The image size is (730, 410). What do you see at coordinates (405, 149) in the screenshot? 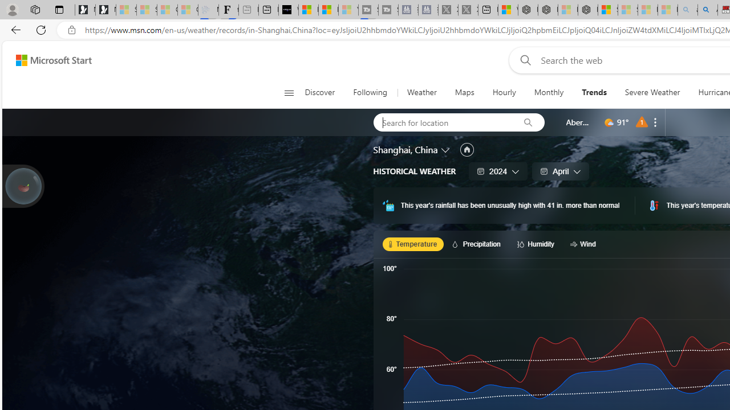
I see `'Shanghai, China'` at bounding box center [405, 149].